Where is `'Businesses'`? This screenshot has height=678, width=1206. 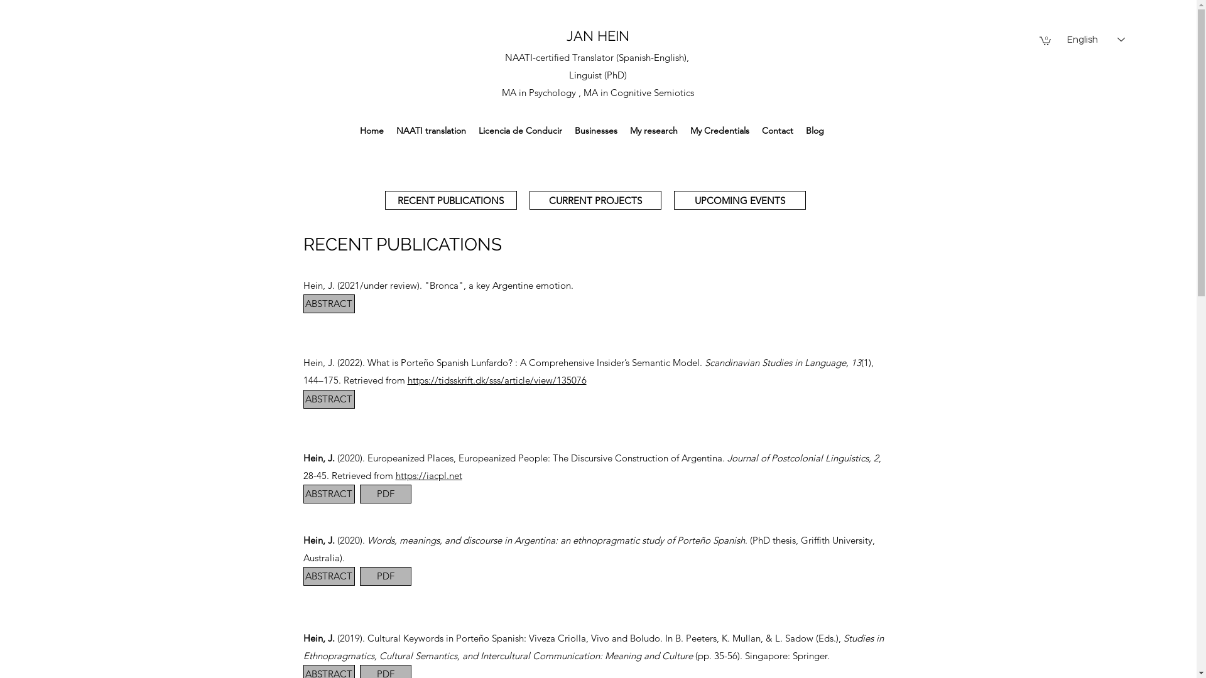 'Businesses' is located at coordinates (595, 131).